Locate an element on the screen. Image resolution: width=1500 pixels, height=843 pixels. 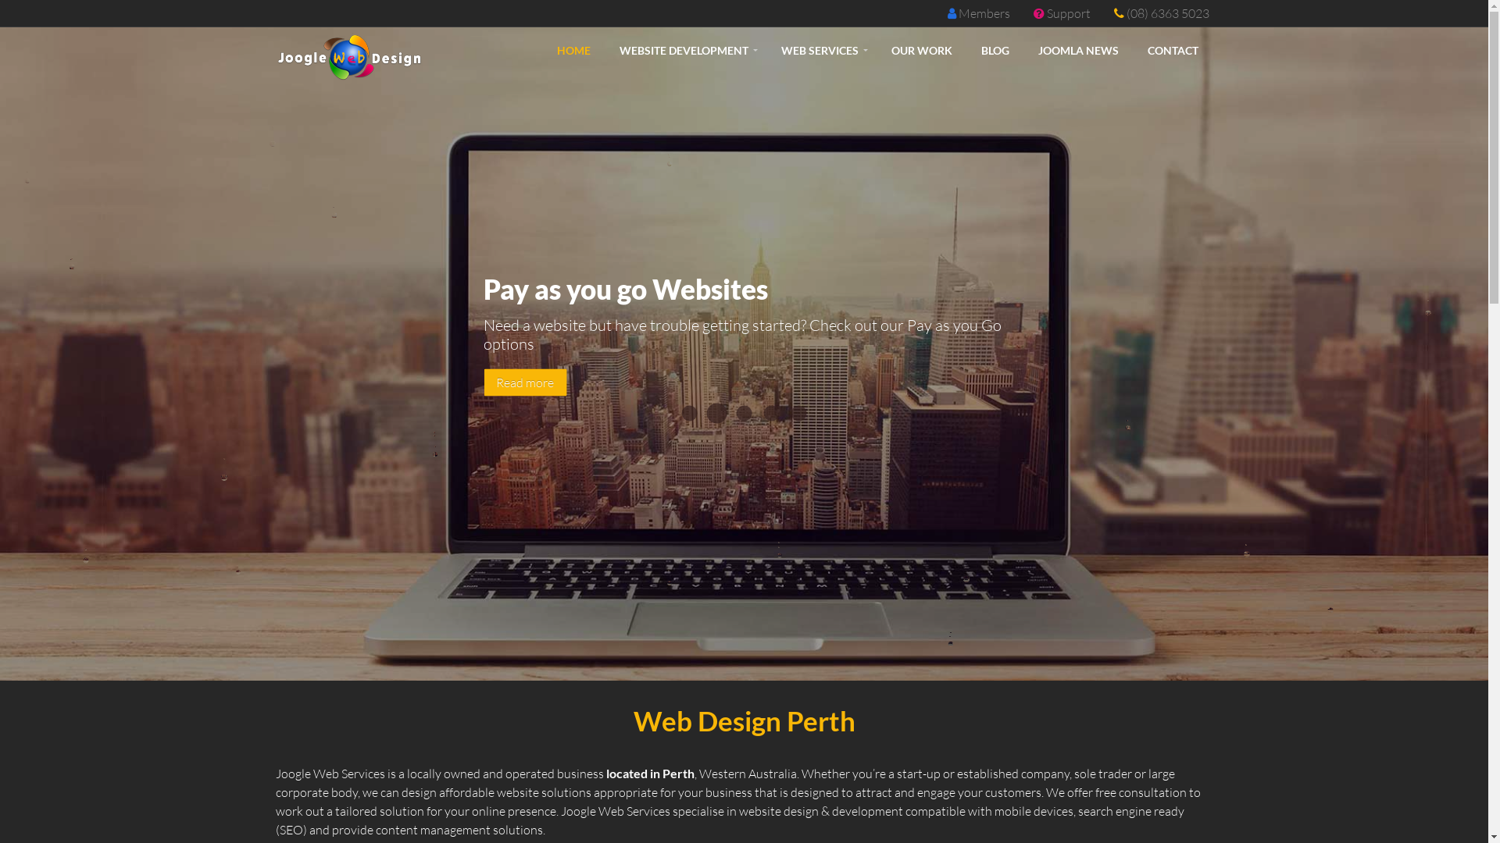
'Search' is located at coordinates (798, 411).